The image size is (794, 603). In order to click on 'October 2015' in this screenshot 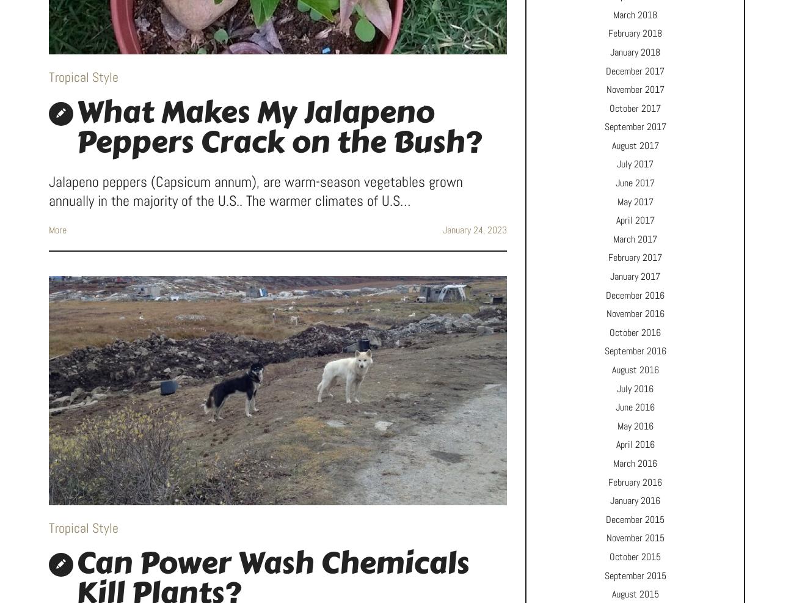, I will do `click(635, 555)`.